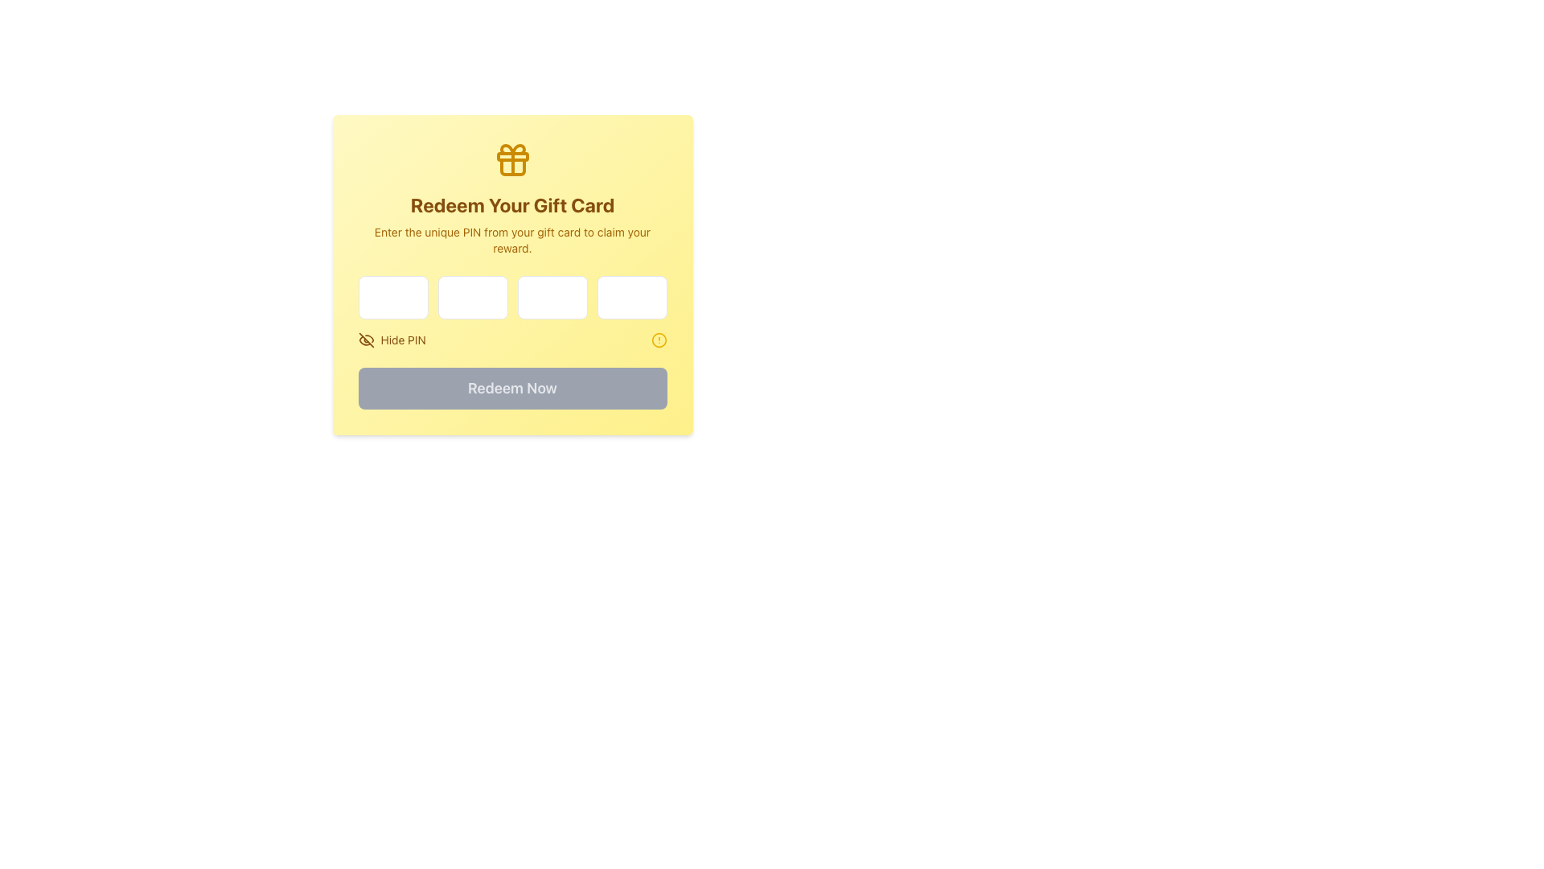 The width and height of the screenshot is (1544, 869). What do you see at coordinates (659, 340) in the screenshot?
I see `the SVG circle representing the alert icon within the 'Redeem Your Gift Card' form, located at the bottom-right corner of the yellow-themed input interface` at bounding box center [659, 340].